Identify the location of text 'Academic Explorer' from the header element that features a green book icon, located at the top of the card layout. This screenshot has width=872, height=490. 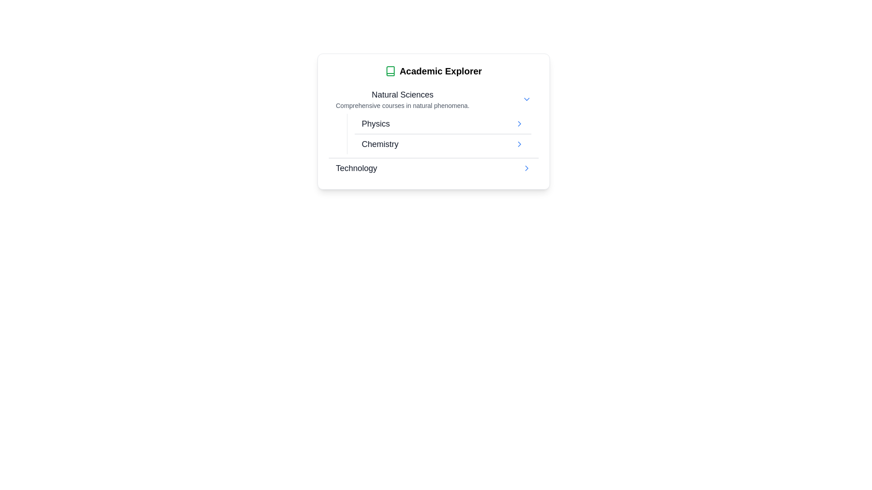
(433, 71).